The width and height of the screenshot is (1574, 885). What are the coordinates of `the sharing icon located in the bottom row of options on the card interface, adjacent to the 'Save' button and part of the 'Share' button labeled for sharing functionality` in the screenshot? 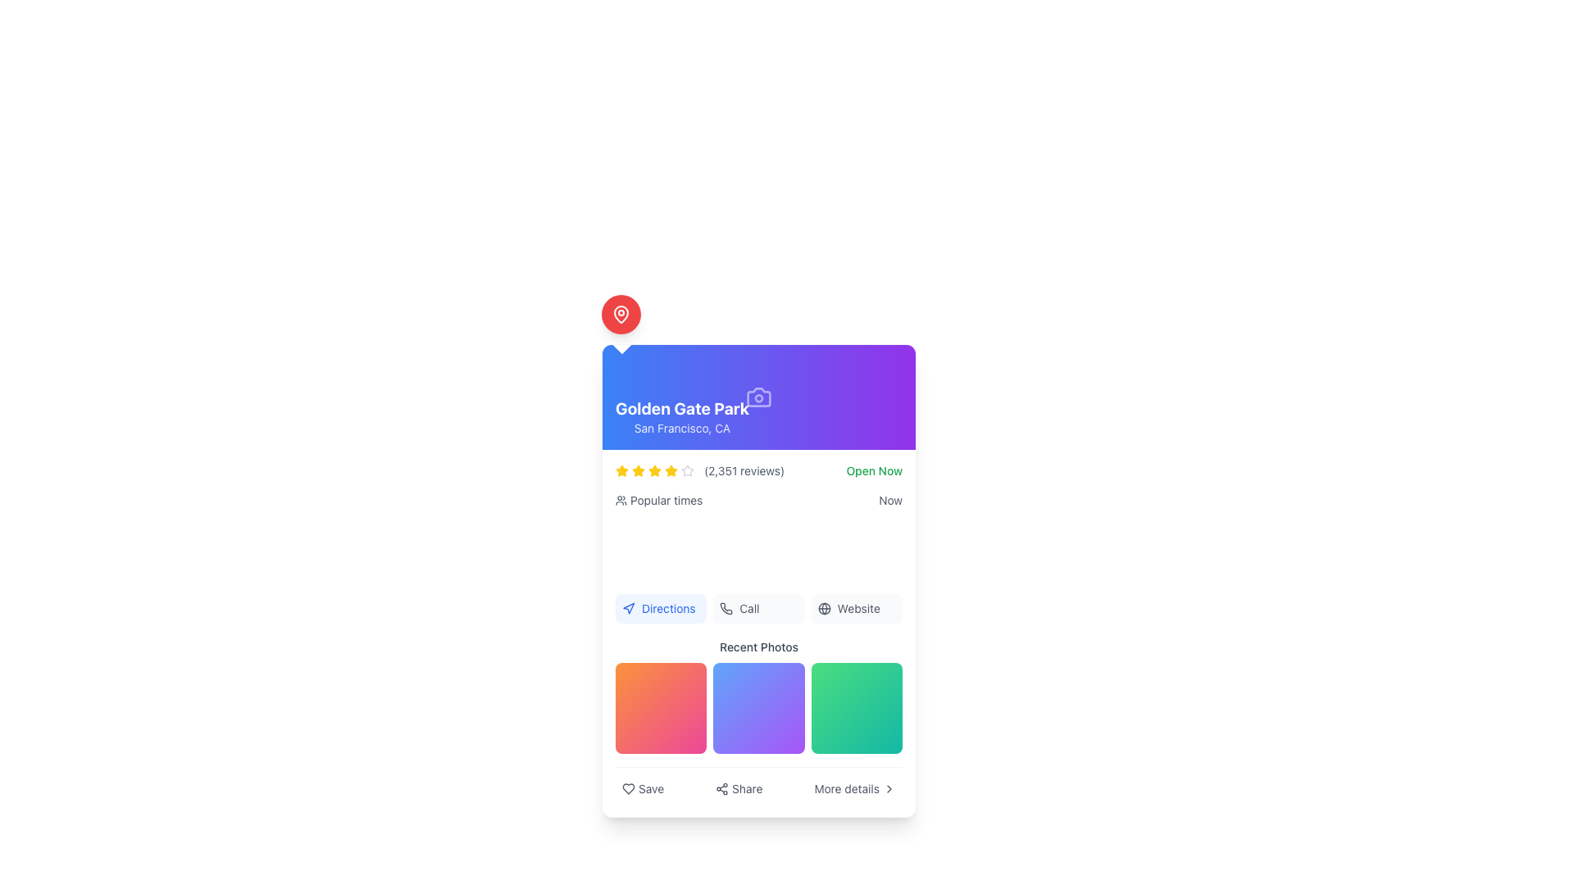 It's located at (721, 788).